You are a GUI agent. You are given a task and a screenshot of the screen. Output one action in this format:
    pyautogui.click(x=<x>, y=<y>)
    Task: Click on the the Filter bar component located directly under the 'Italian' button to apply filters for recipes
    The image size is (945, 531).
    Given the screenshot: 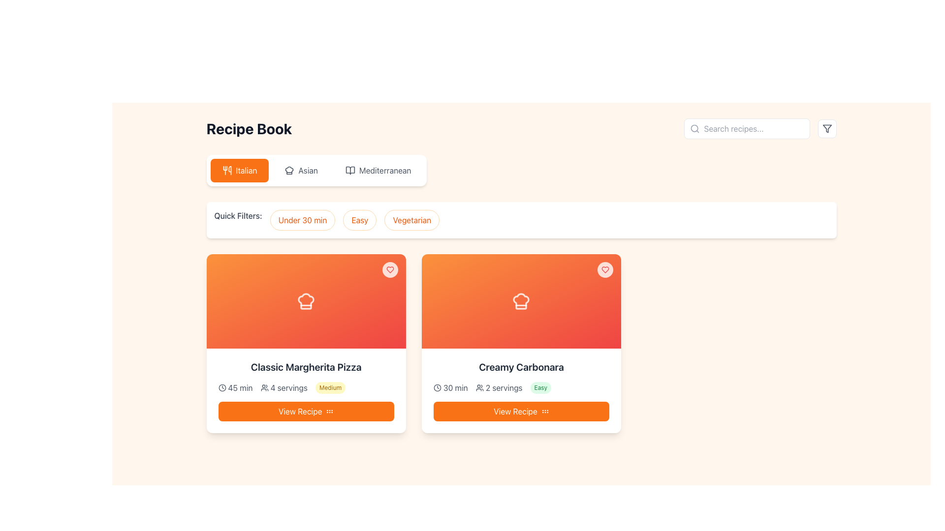 What is the action you would take?
    pyautogui.click(x=521, y=219)
    